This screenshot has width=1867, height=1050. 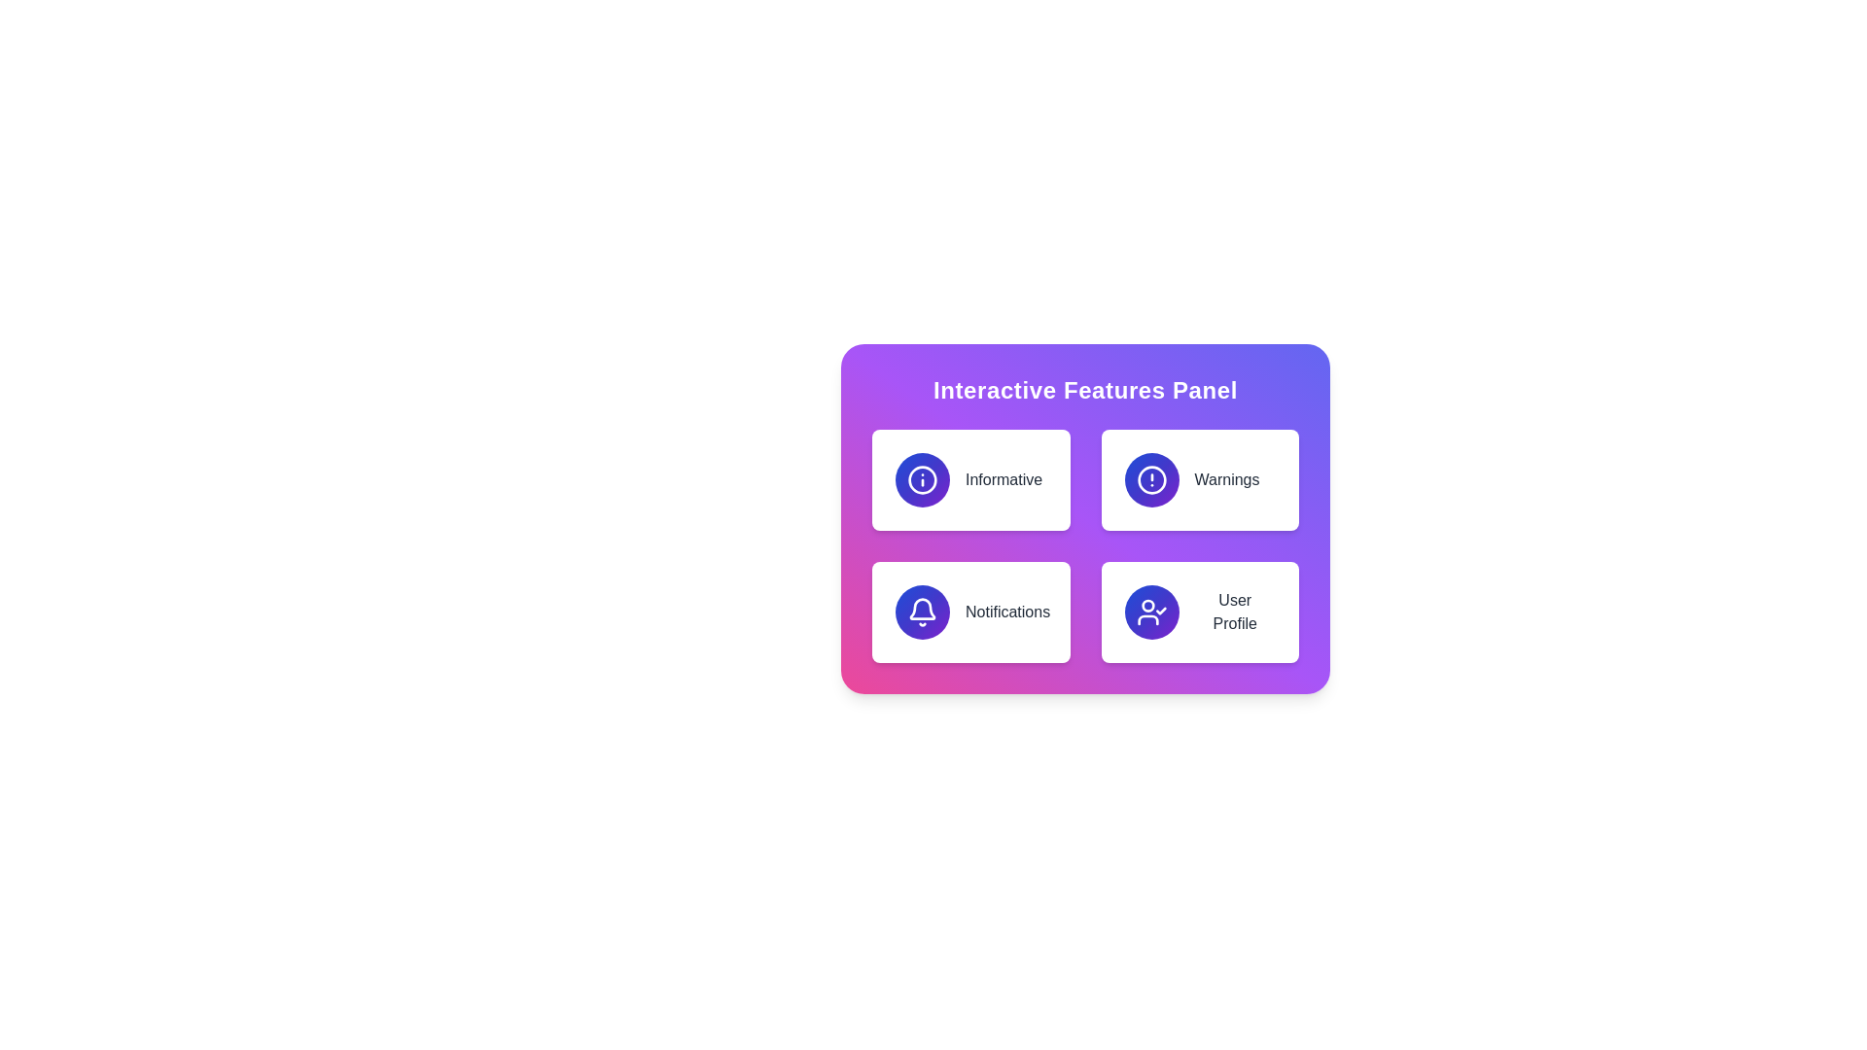 What do you see at coordinates (922, 611) in the screenshot?
I see `the notification icon located in the bottom-left quadrant of the 'Interactive Features Panel'` at bounding box center [922, 611].